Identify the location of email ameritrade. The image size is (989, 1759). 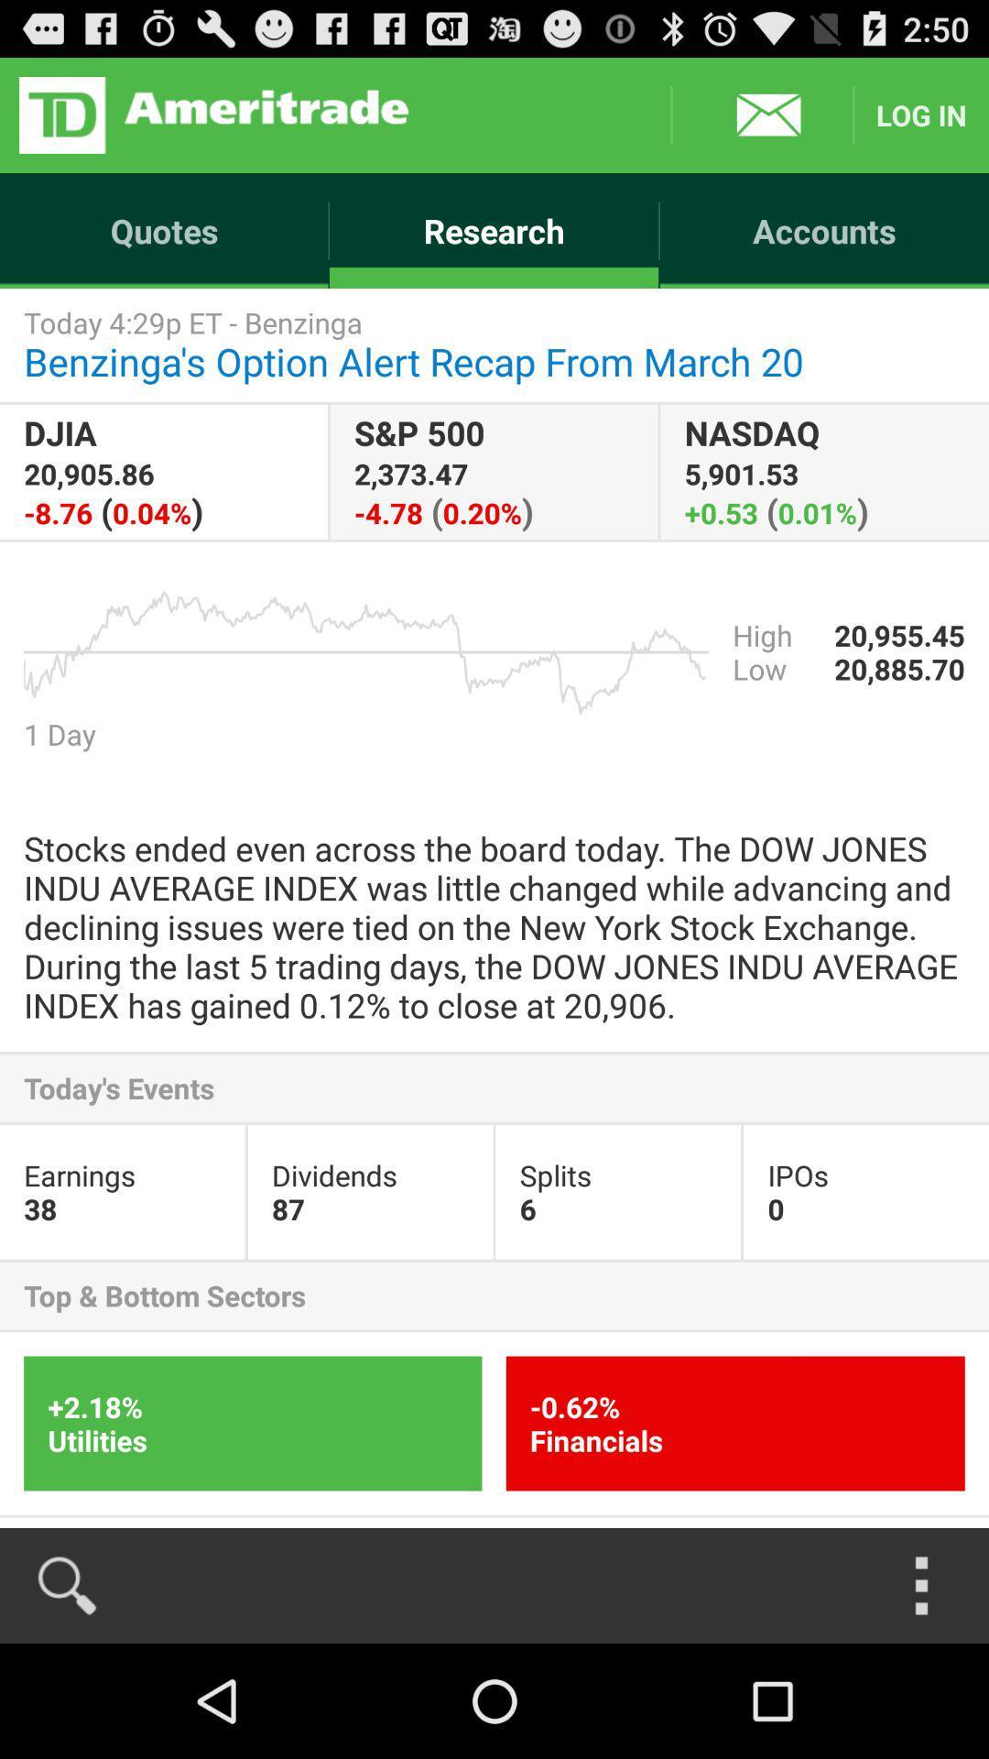
(762, 114).